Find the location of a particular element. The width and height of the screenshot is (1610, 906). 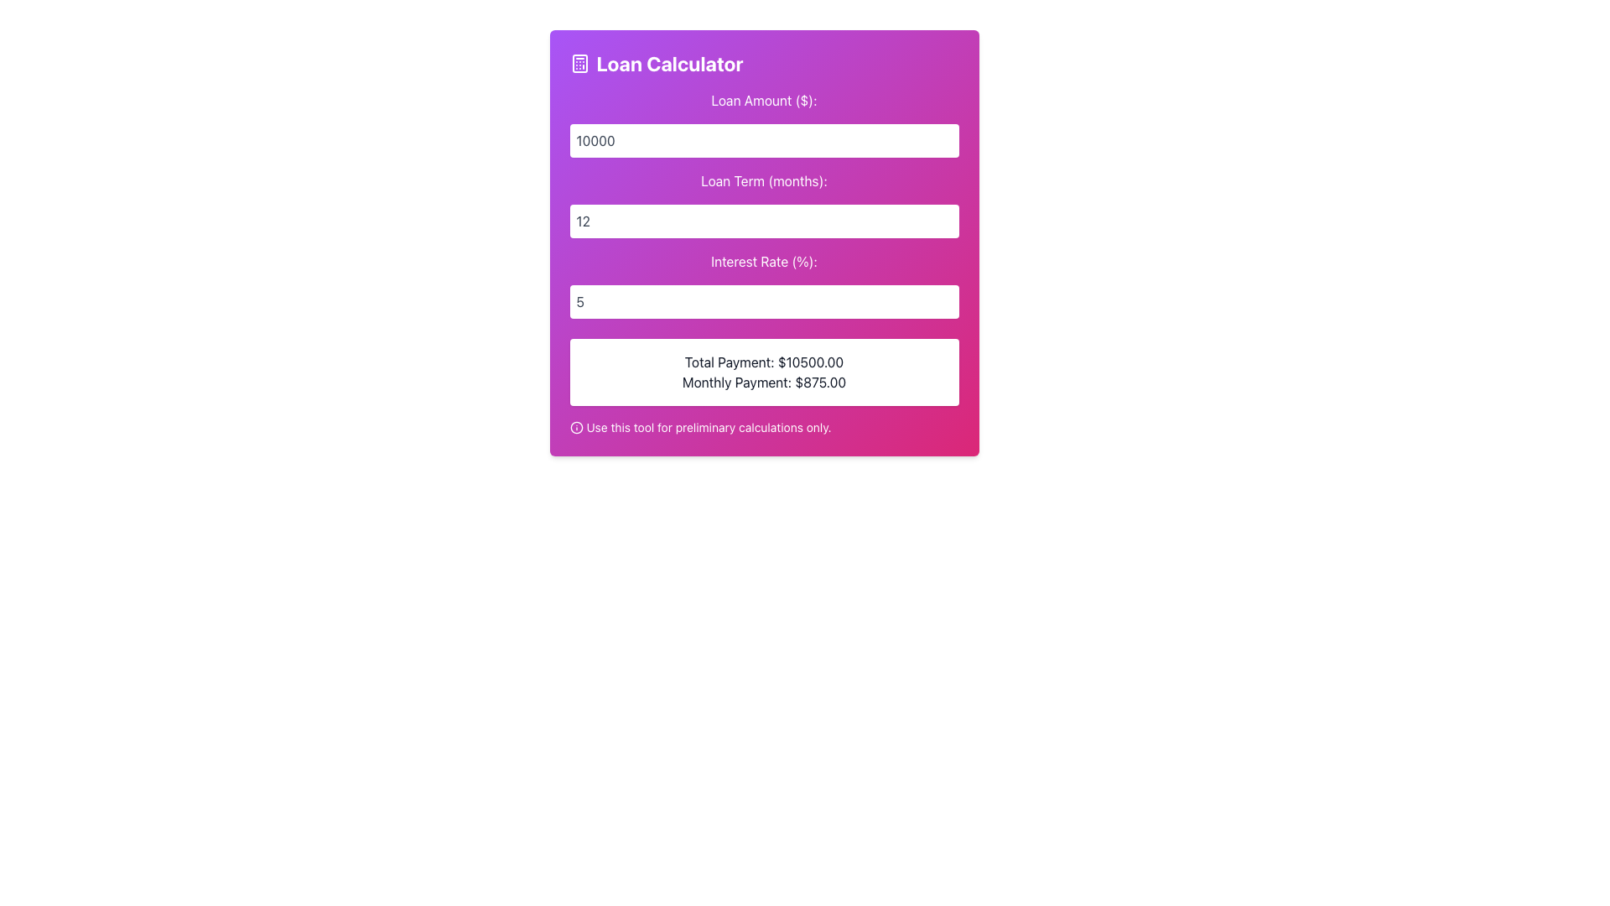

the disclaimer text element located at the bottom of the 'Loan Calculator' interface card is located at coordinates (763, 426).